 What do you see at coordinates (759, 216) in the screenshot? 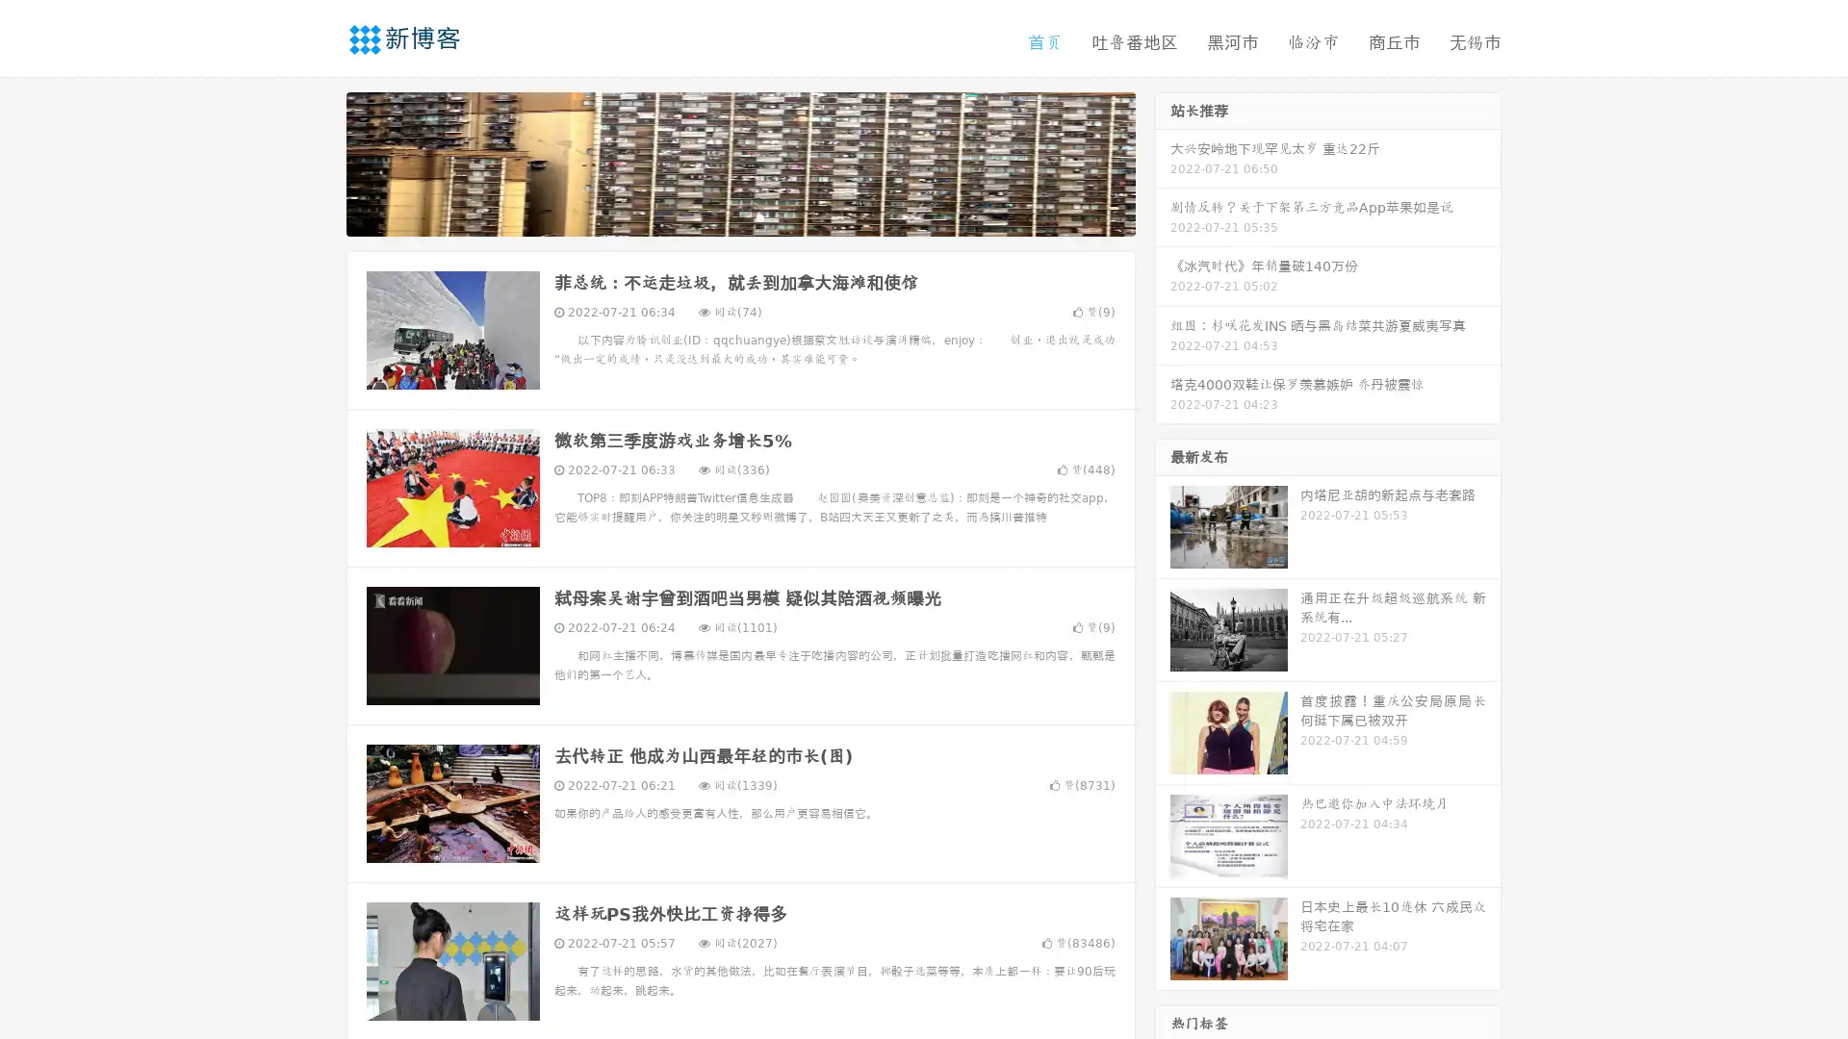
I see `Go to slide 3` at bounding box center [759, 216].